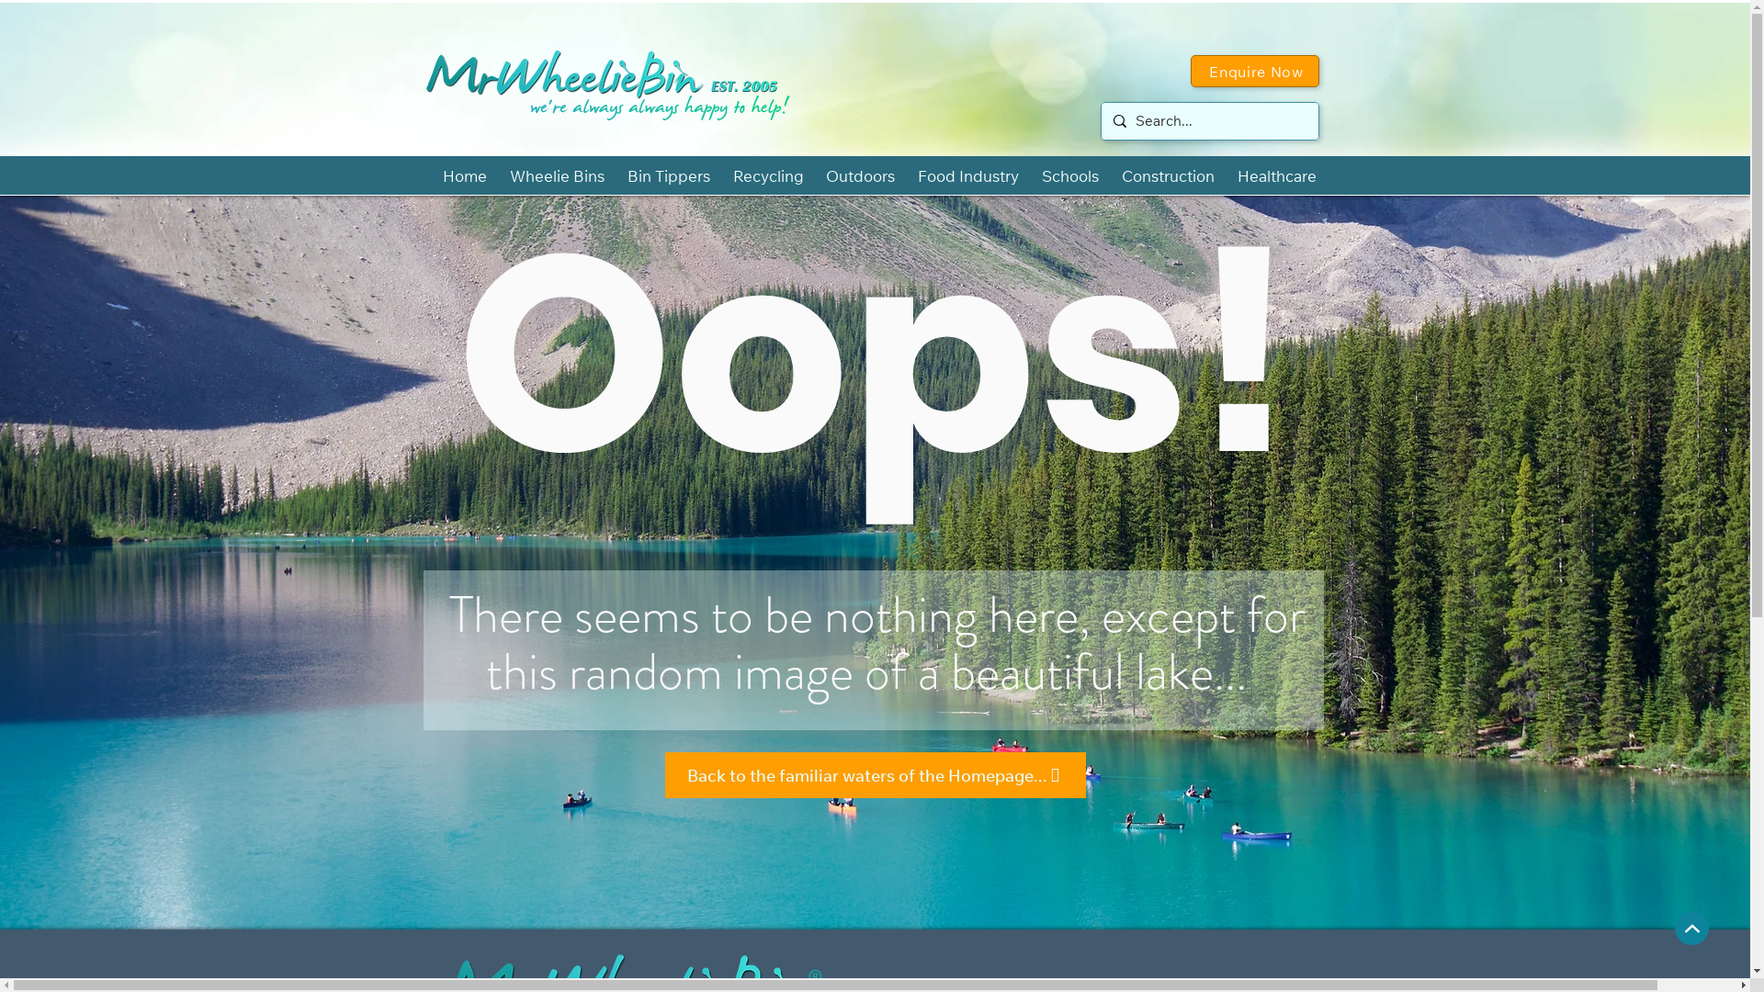  What do you see at coordinates (432, 175) in the screenshot?
I see `'Home'` at bounding box center [432, 175].